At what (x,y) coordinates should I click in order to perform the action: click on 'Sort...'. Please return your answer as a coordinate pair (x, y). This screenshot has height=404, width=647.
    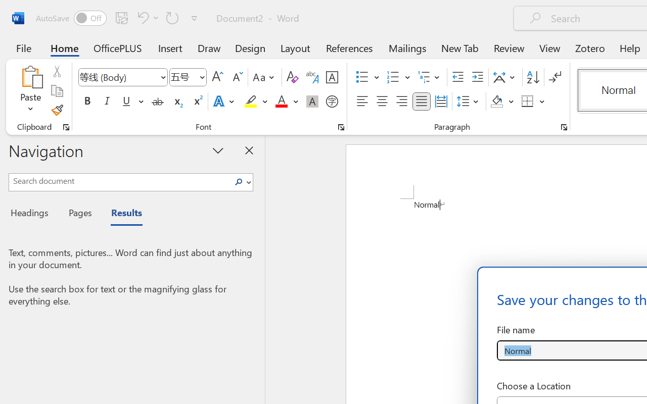
    Looking at the image, I should click on (532, 77).